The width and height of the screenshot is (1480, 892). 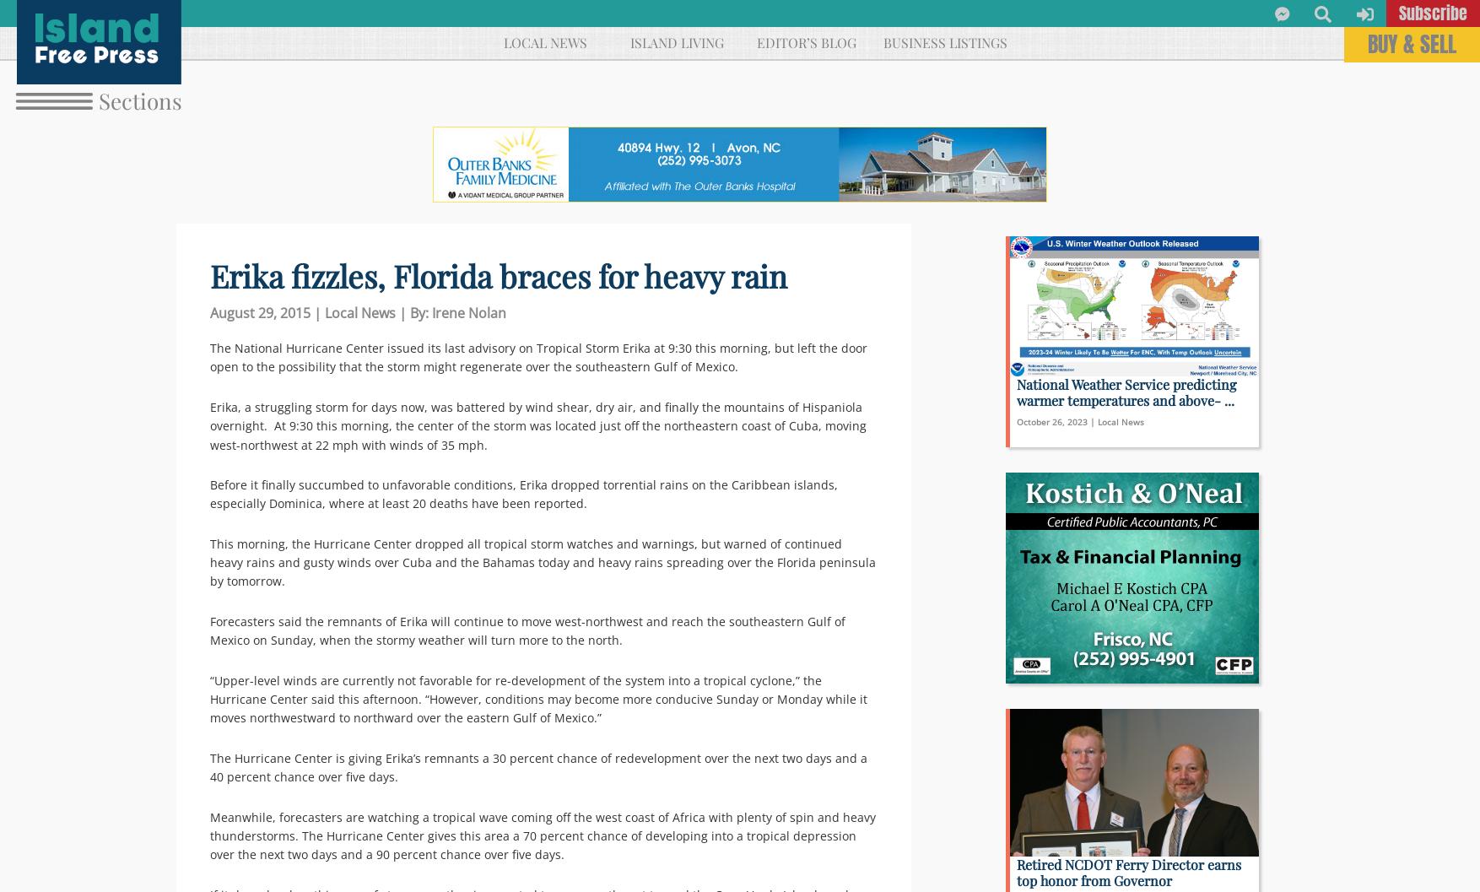 I want to click on '“Upper-level winds are currently not favorable for re-development of the system into a tropical cyclone,” the Hurricane Center said this afternoon. “However, conditions may become more conducive Sunday or Monday while it moves northwestward to northward over the eastern Gulf of Mexico.”', so click(x=537, y=698).